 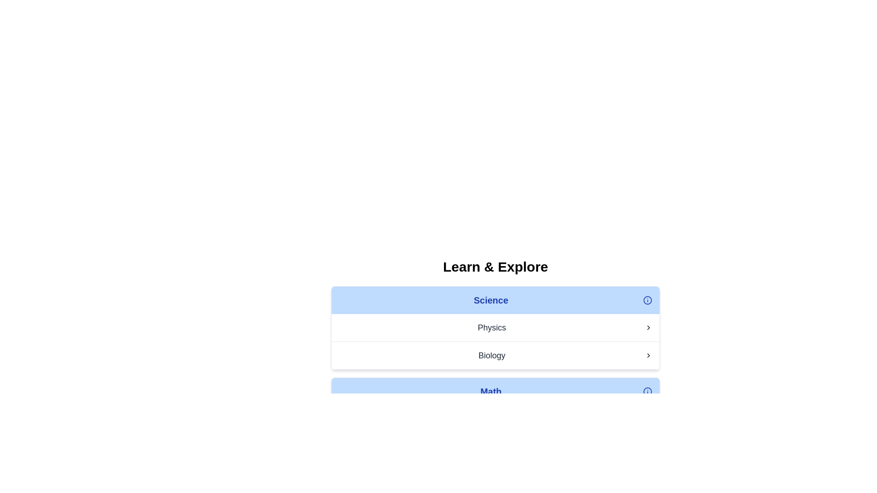 What do you see at coordinates (648, 355) in the screenshot?
I see `the right-facing chevron icon located to the far right of the 'Biology' text` at bounding box center [648, 355].